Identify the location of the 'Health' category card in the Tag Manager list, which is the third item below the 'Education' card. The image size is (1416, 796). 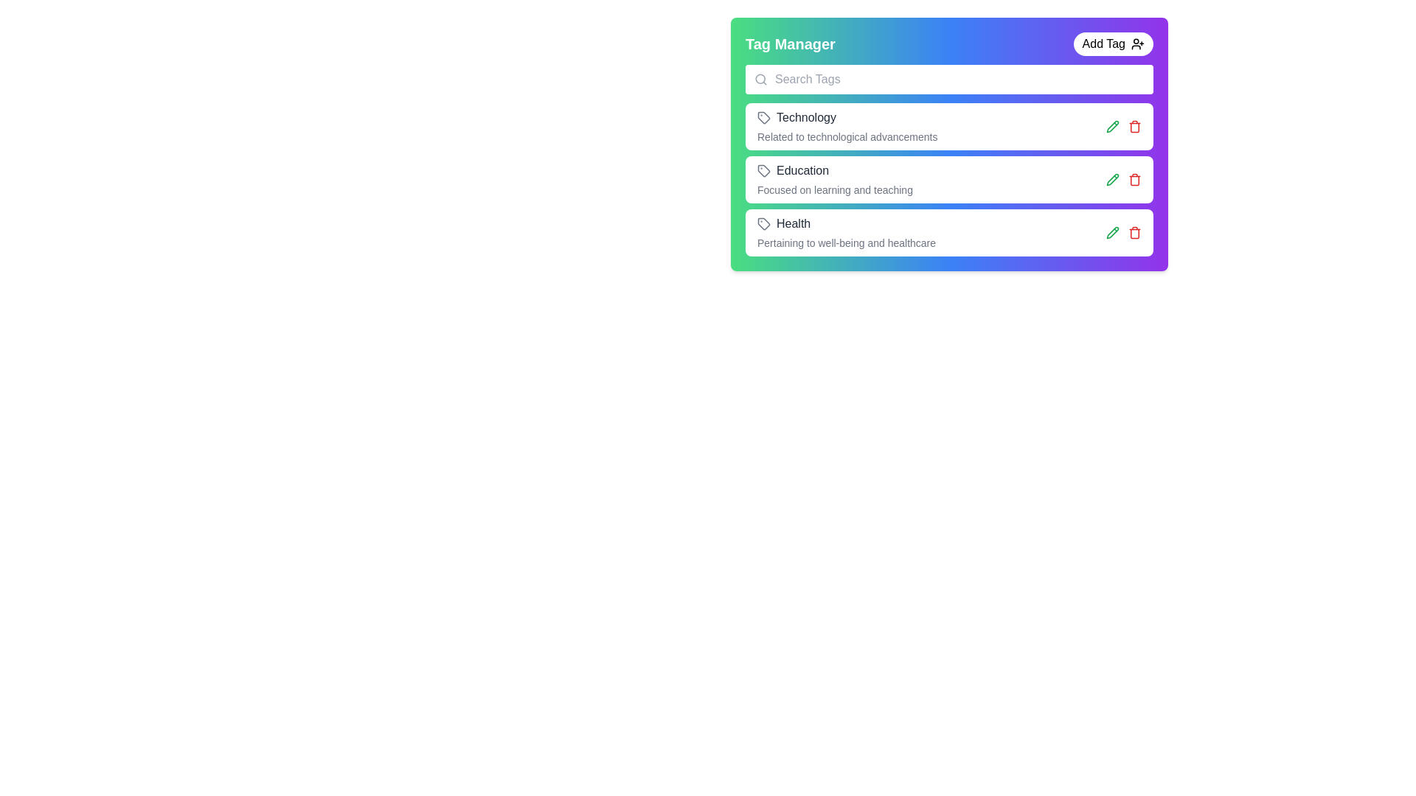
(949, 232).